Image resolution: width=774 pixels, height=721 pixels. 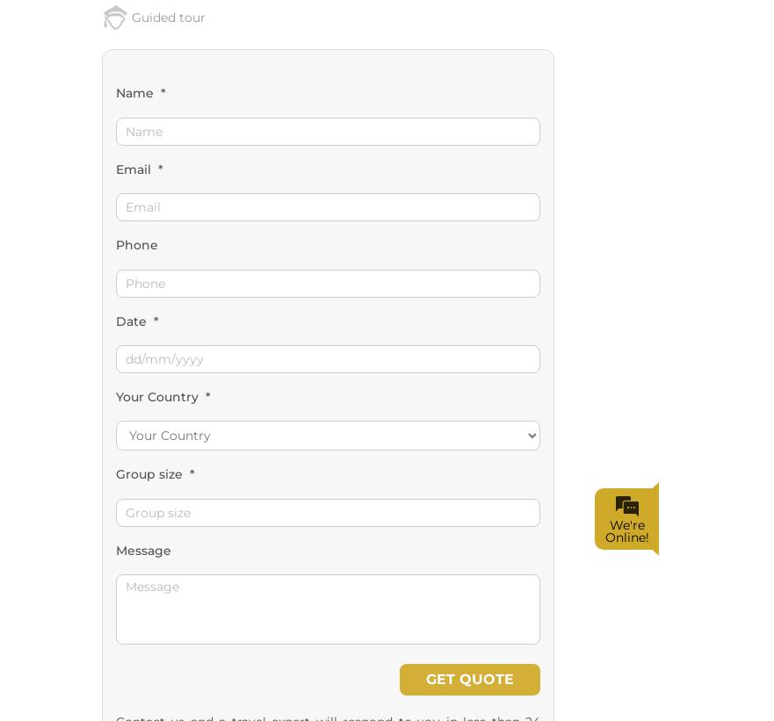 What do you see at coordinates (115, 369) in the screenshot?
I see `'Contact us and a travel expert will respond to you in less than 24 hours (working days)'` at bounding box center [115, 369].